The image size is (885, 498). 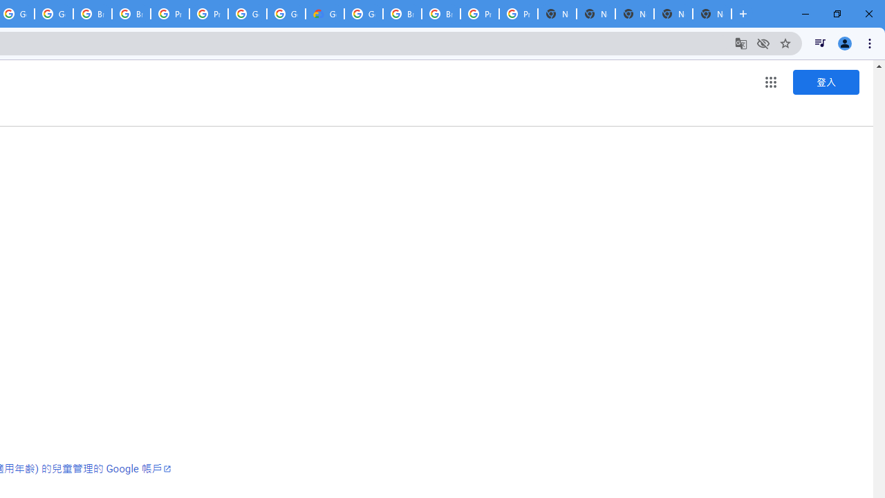 I want to click on 'Google Cloud Platform', so click(x=364, y=14).